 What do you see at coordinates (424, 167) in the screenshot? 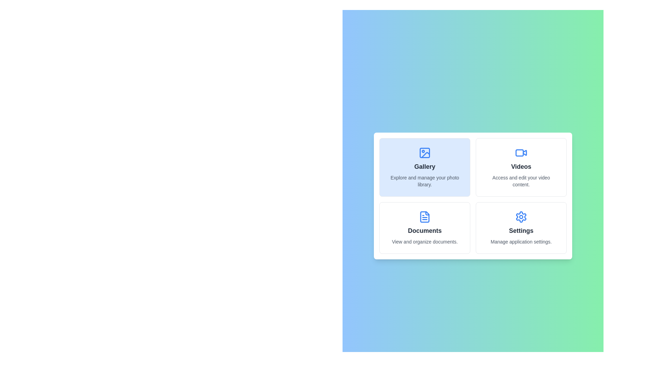
I see `the icon and label for Gallery` at bounding box center [424, 167].